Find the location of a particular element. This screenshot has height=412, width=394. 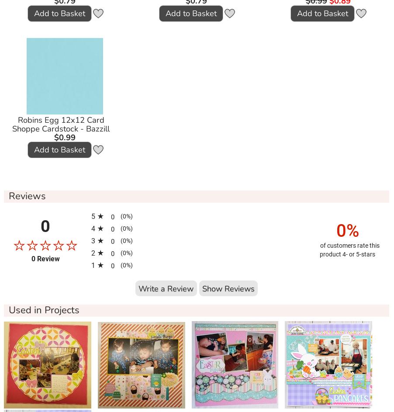

'0%' is located at coordinates (335, 231).